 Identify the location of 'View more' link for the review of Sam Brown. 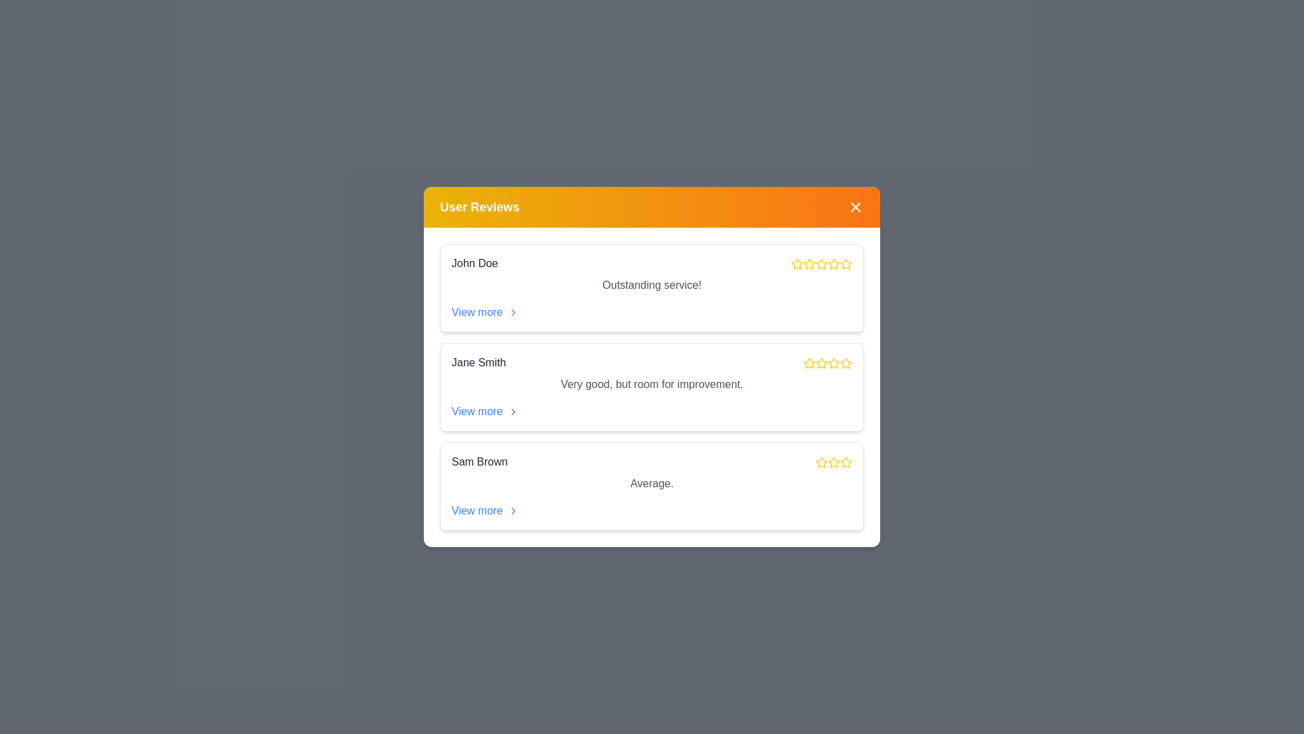
(485, 511).